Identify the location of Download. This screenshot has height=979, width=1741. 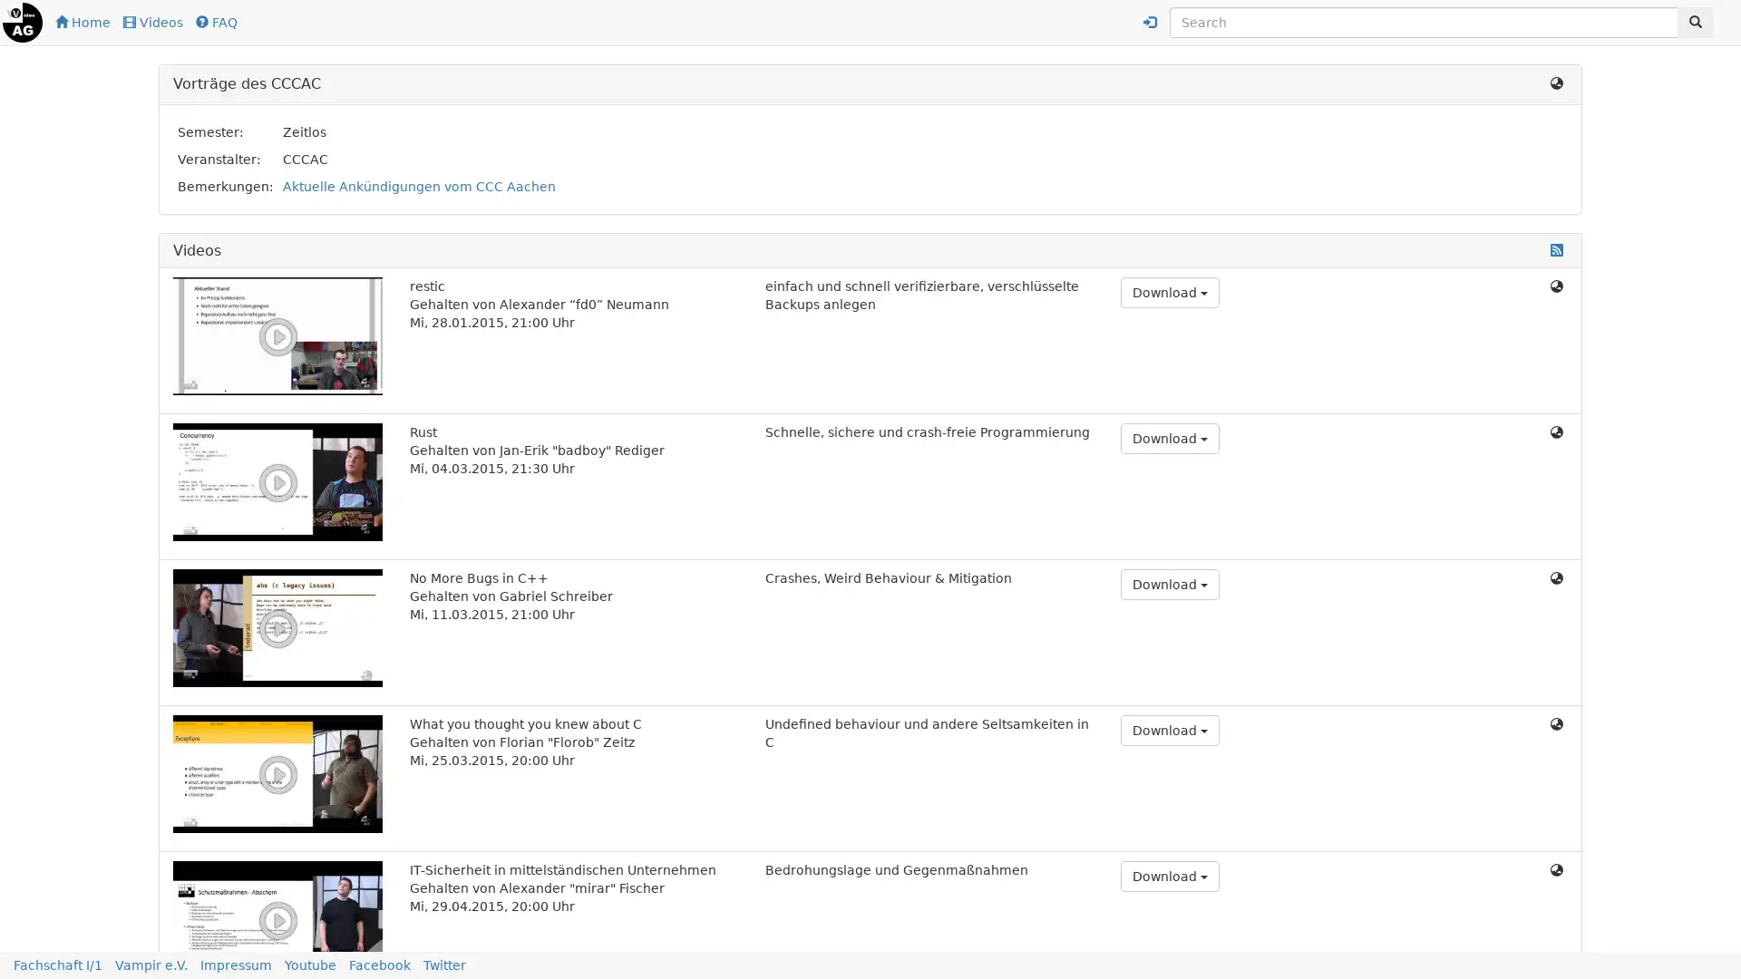
(1170, 730).